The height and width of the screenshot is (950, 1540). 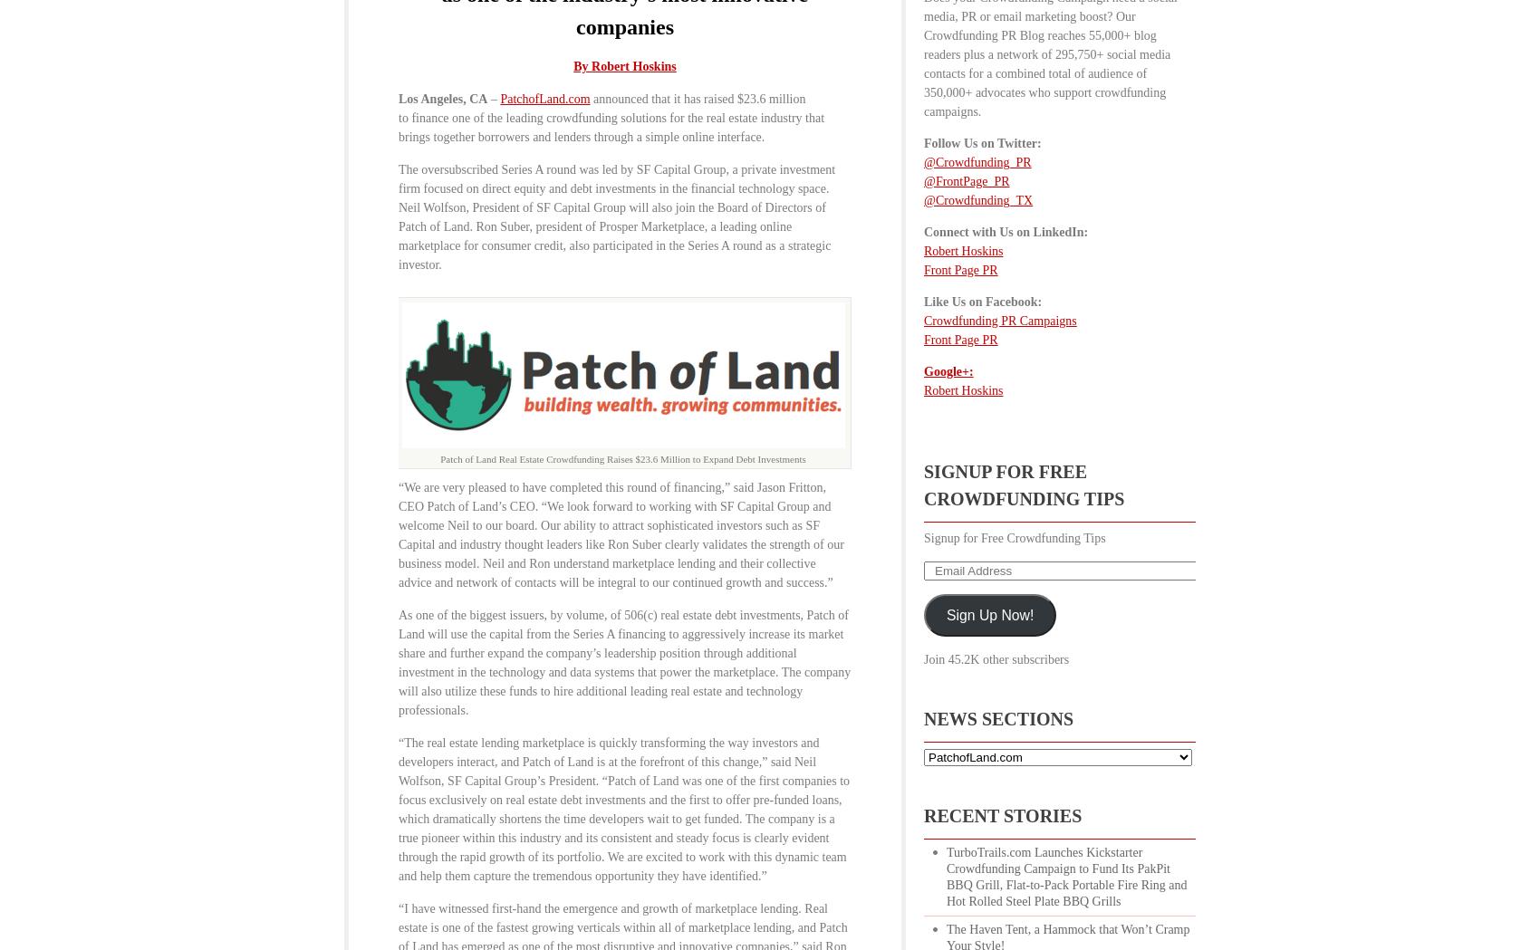 I want to click on 'Recent Stories', so click(x=1003, y=814).